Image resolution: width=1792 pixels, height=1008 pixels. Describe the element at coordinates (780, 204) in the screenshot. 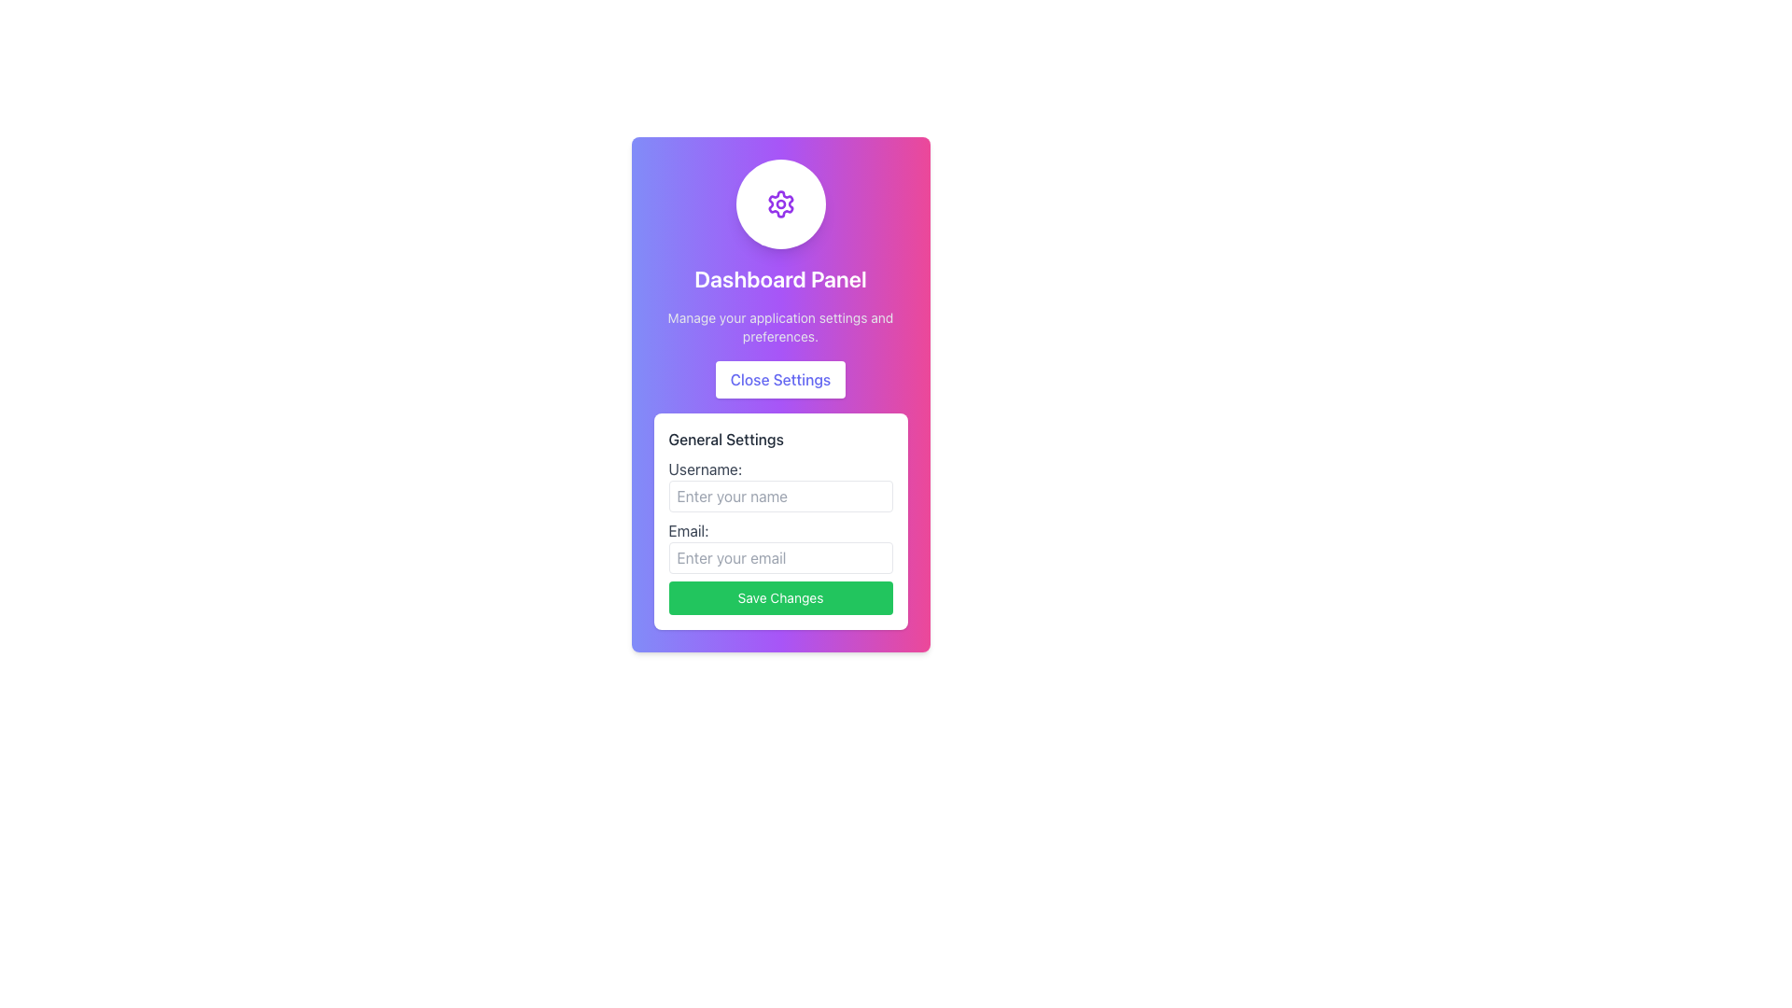

I see `the gear-like settings icon located at the top-center of the interface, above the 'Dashboard Panel' heading` at that location.